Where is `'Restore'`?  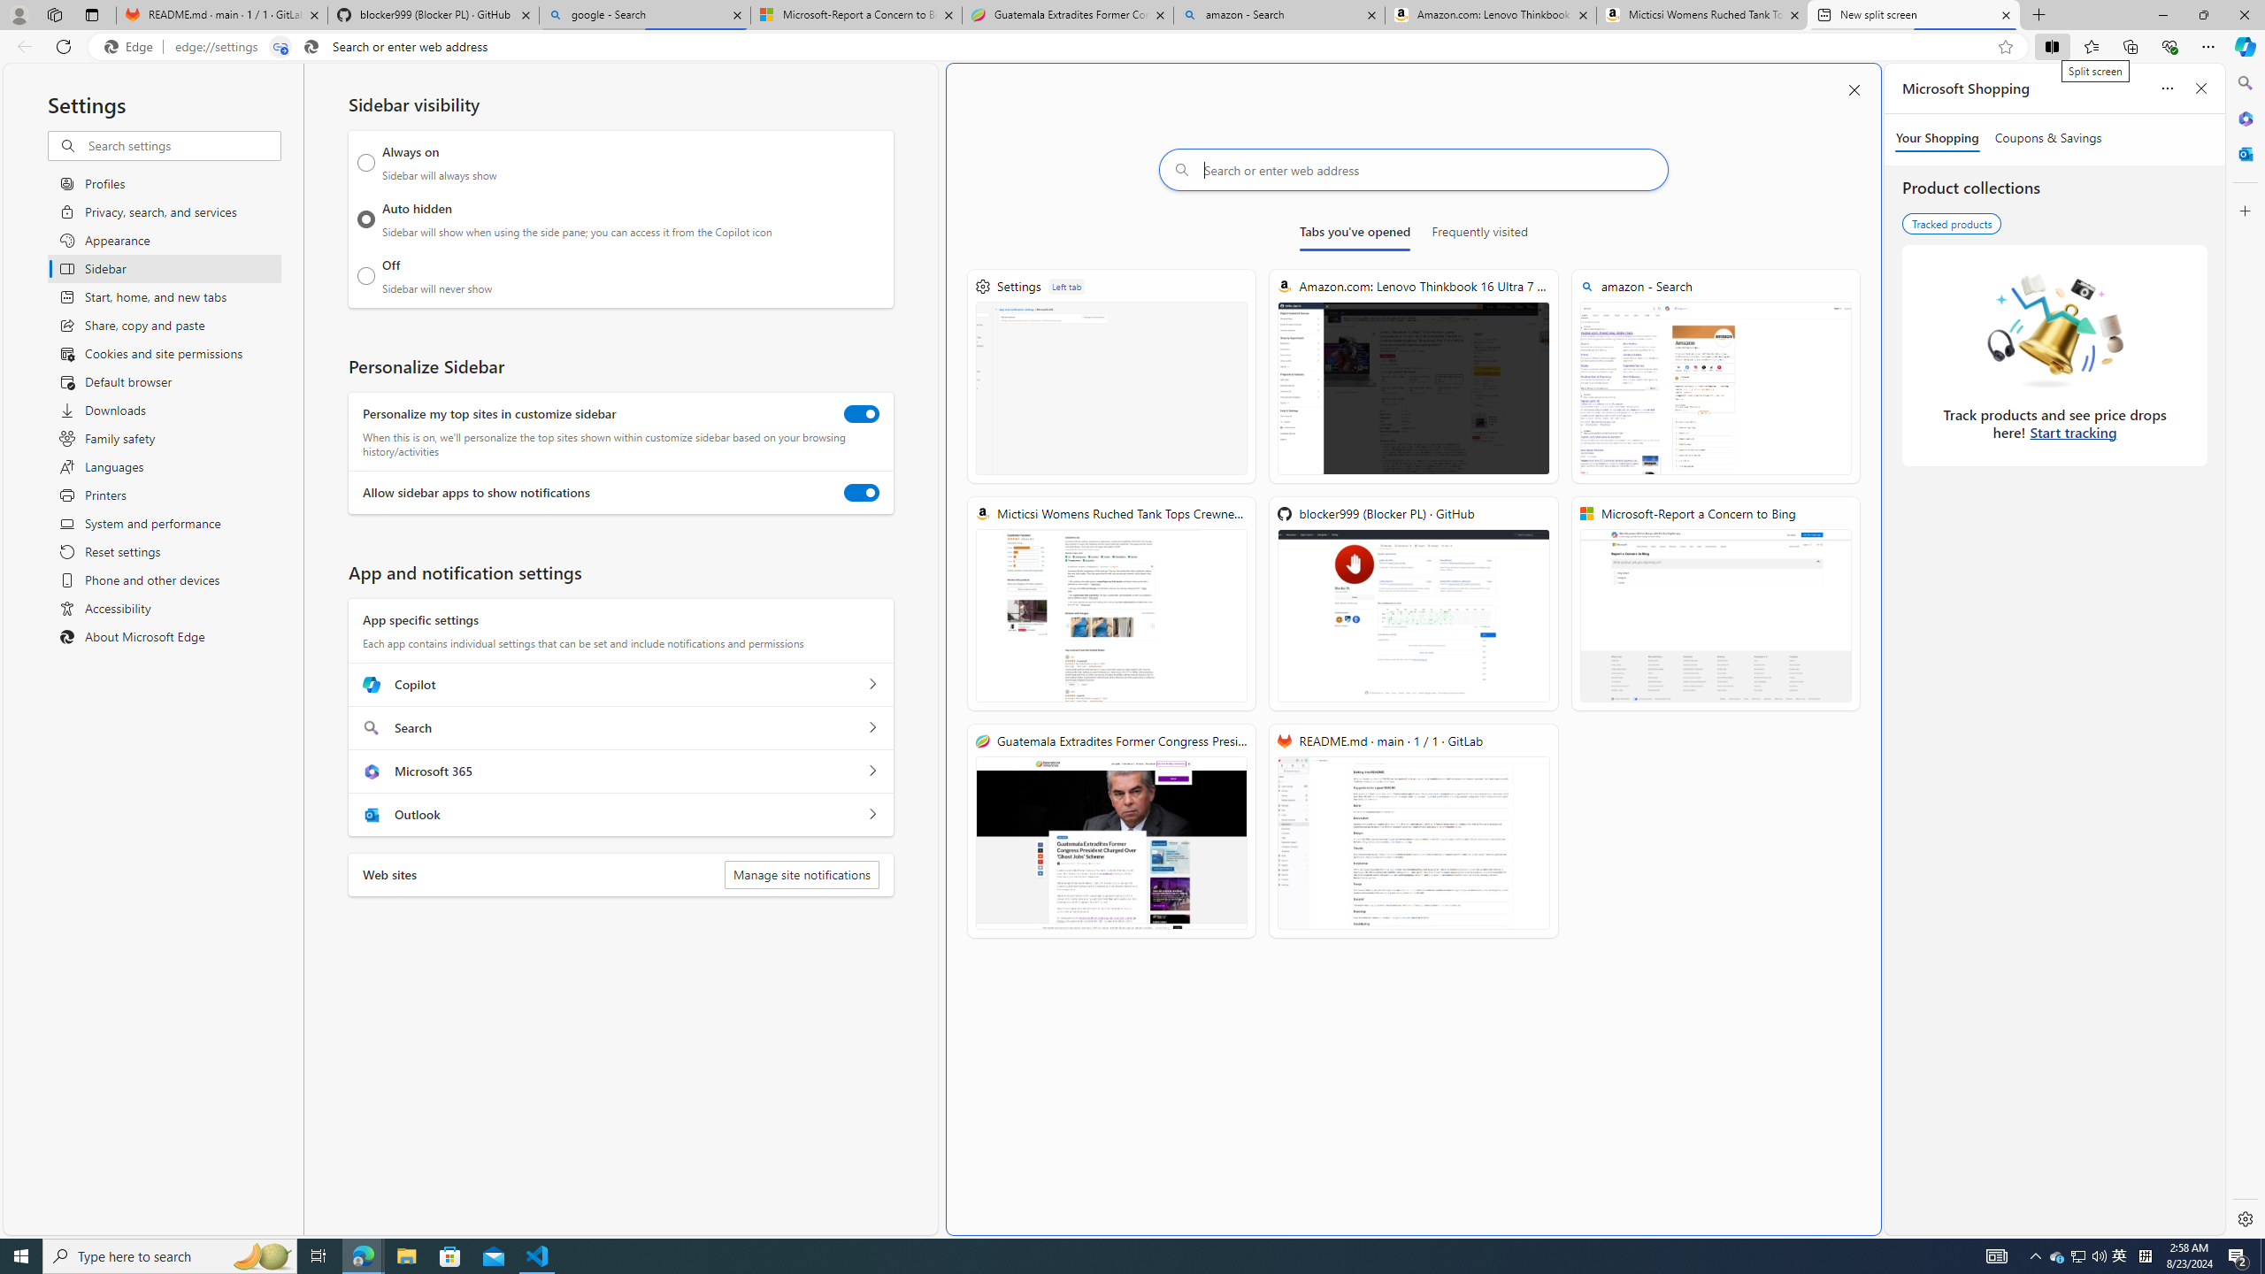 'Restore' is located at coordinates (2203, 14).